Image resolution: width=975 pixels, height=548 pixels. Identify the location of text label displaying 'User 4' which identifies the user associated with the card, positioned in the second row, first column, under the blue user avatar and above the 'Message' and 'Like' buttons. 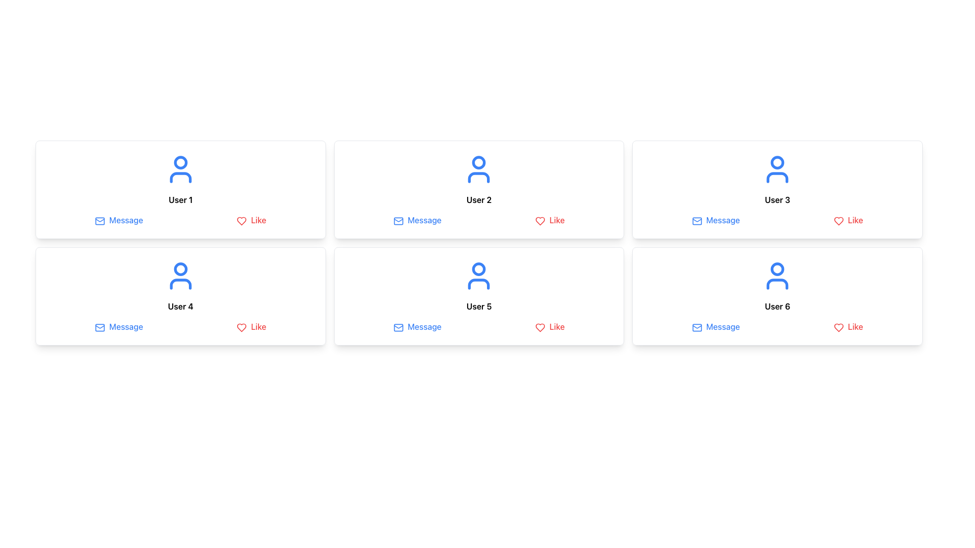
(180, 306).